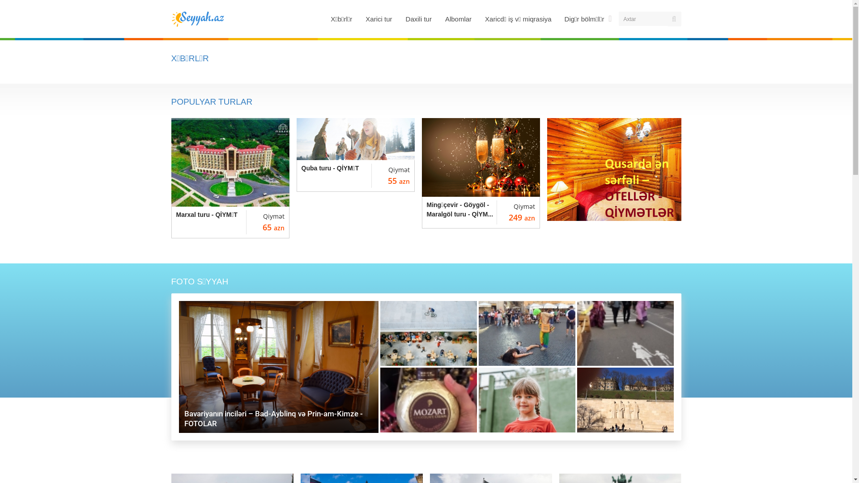 Image resolution: width=859 pixels, height=483 pixels. Describe the element at coordinates (418, 19) in the screenshot. I see `'Daxili tur'` at that location.